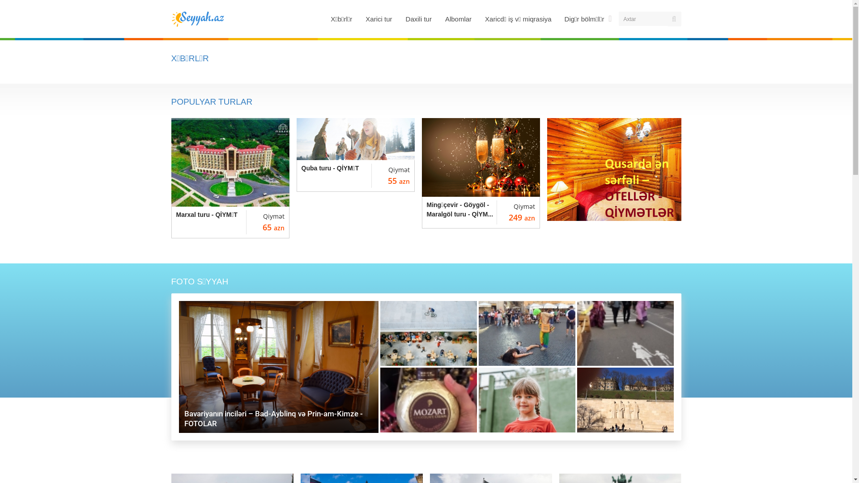 Image resolution: width=859 pixels, height=483 pixels. Describe the element at coordinates (418, 19) in the screenshot. I see `'Daxili tur'` at that location.